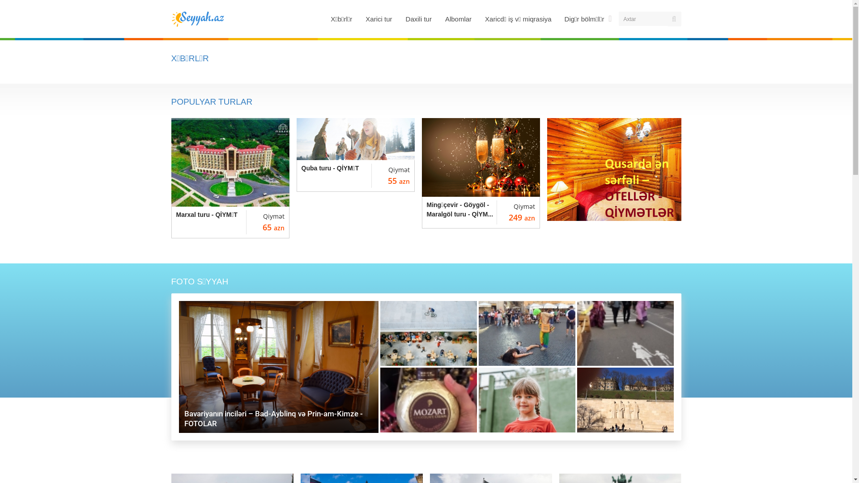 Image resolution: width=859 pixels, height=483 pixels. Describe the element at coordinates (418, 19) in the screenshot. I see `'Daxili tur'` at that location.